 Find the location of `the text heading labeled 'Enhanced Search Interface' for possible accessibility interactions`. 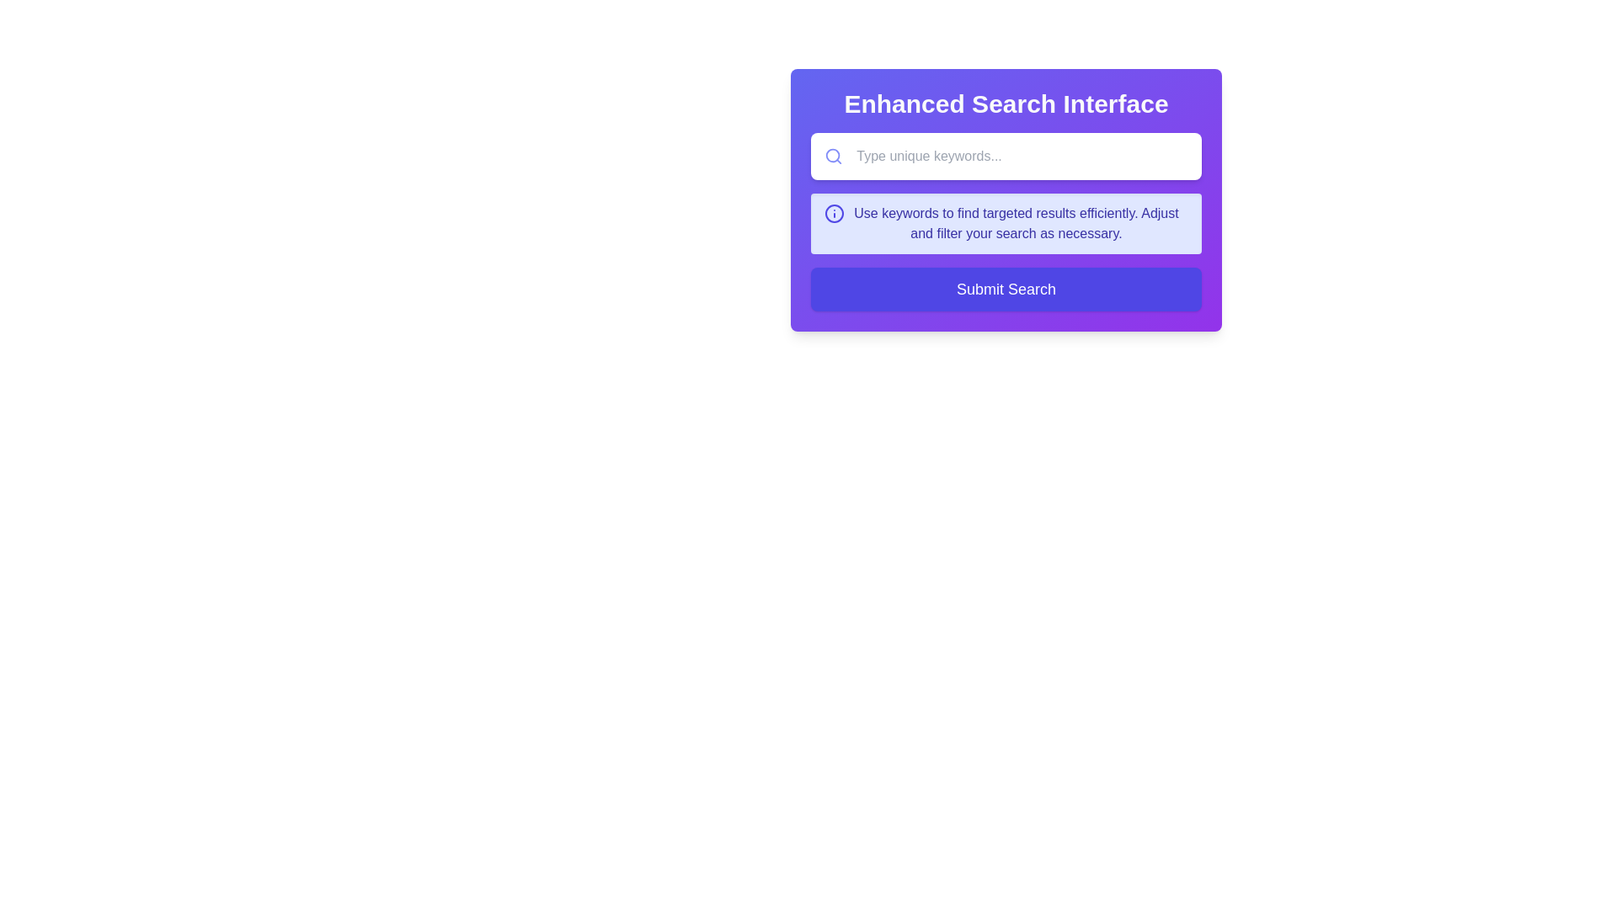

the text heading labeled 'Enhanced Search Interface' for possible accessibility interactions is located at coordinates (1006, 104).